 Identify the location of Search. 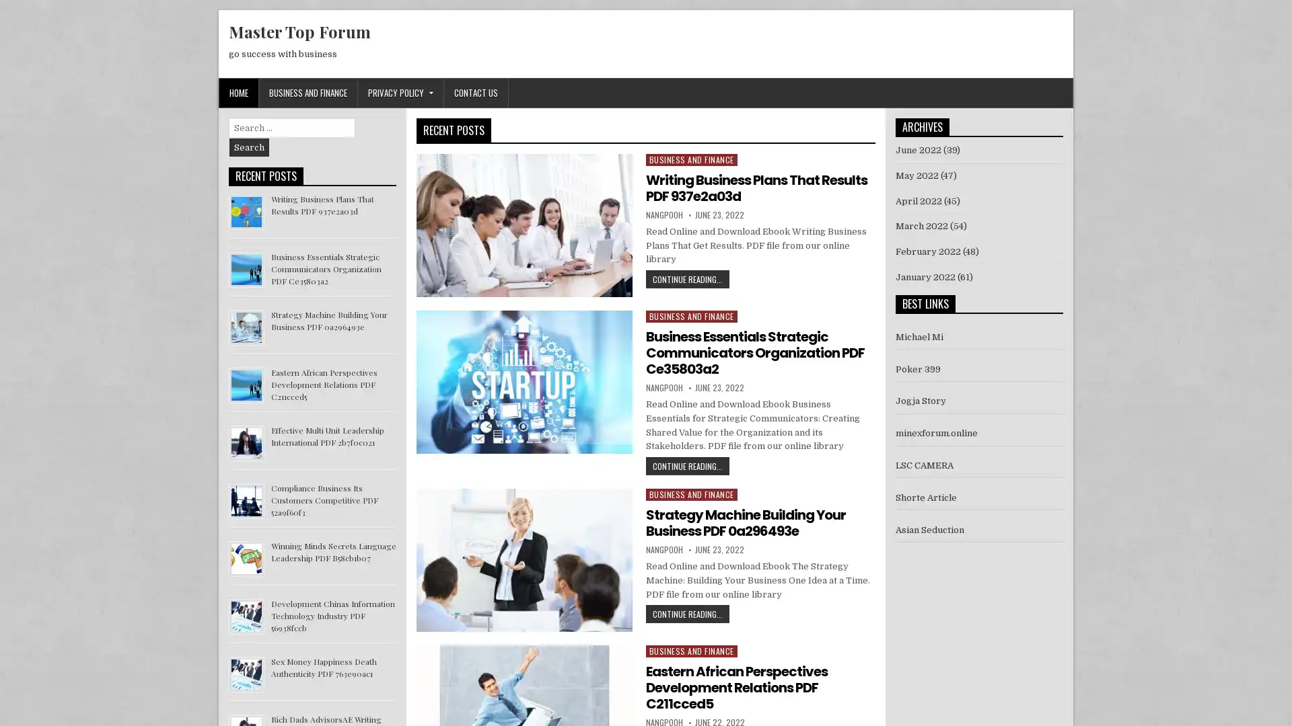
(249, 147).